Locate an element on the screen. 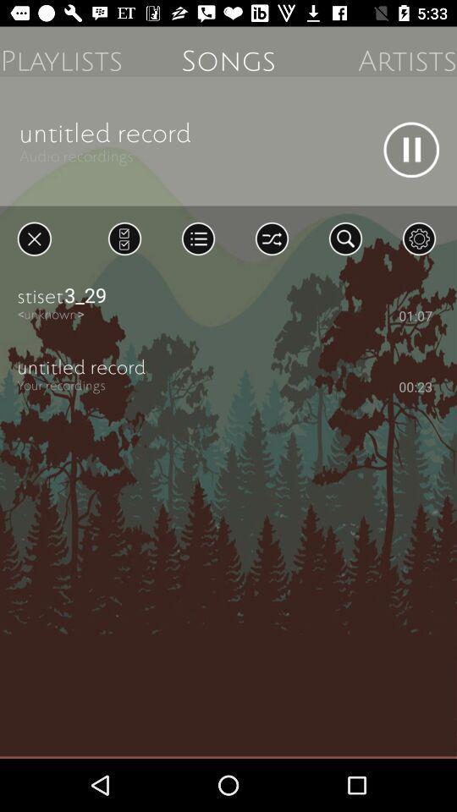  settings is located at coordinates (418, 238).